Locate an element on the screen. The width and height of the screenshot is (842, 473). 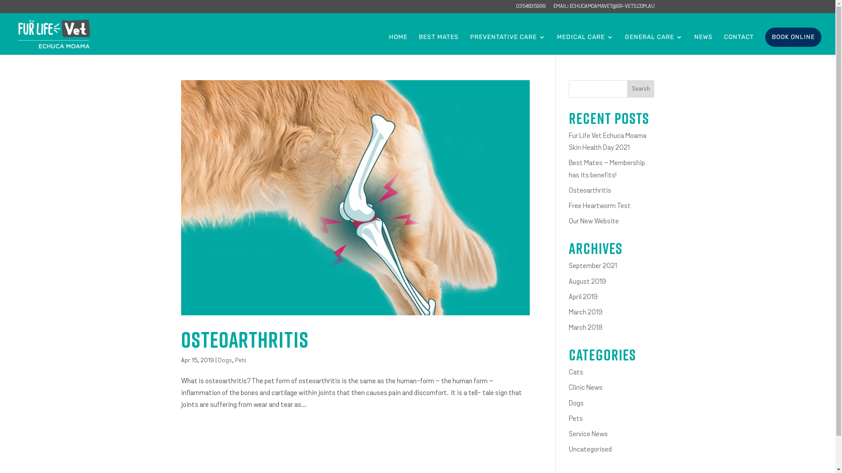
'September 2021' is located at coordinates (593, 266).